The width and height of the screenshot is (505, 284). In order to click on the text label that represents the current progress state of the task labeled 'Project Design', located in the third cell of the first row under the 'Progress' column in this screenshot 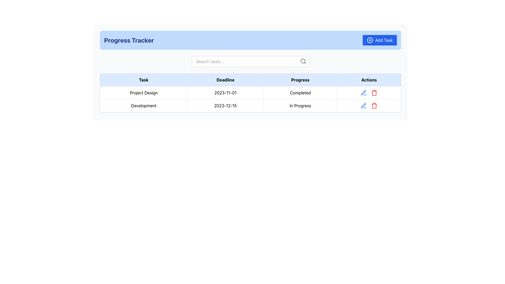, I will do `click(300, 93)`.